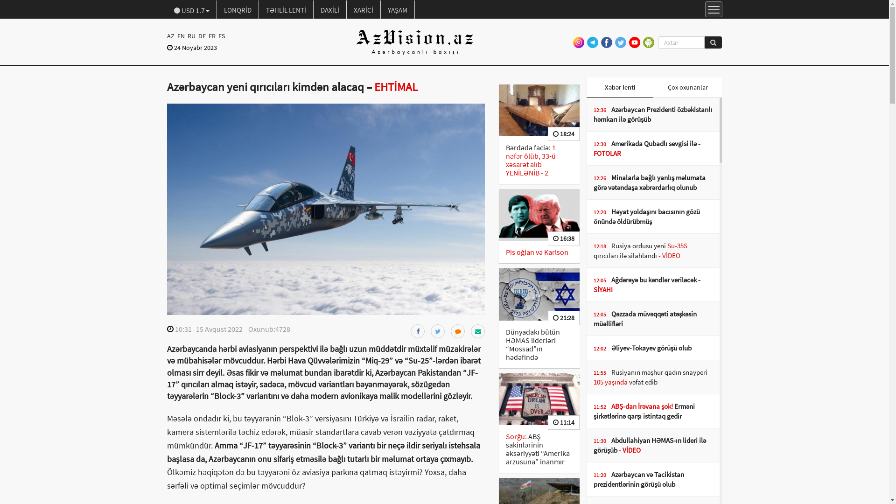  What do you see at coordinates (221, 35) in the screenshot?
I see `'ES'` at bounding box center [221, 35].